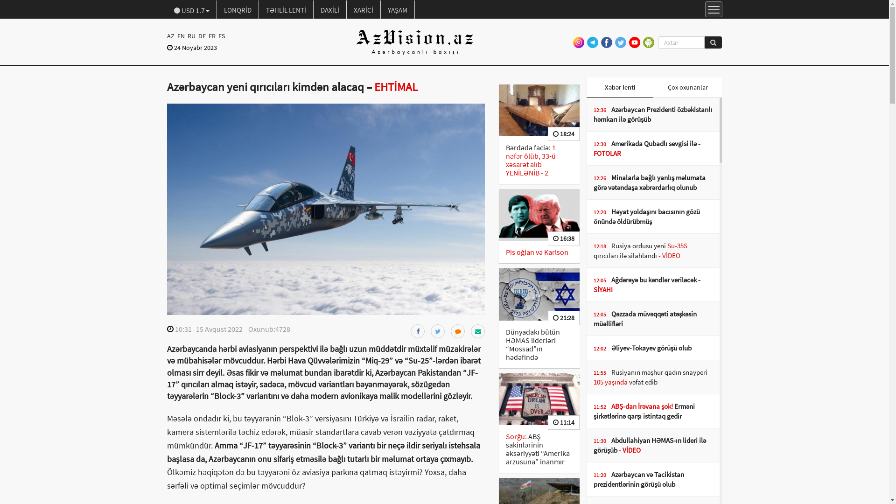  What do you see at coordinates (221, 35) in the screenshot?
I see `'ES'` at bounding box center [221, 35].